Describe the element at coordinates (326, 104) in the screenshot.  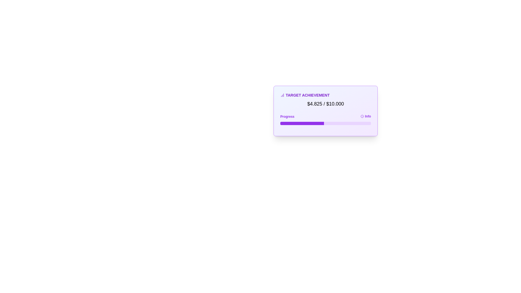
I see `the Text label that displays the current progress against the target value, formatted as "$4.825 / $10.000", which is centrally positioned below the 'Target Achievement' title and above the 'Progress Info' progress bar` at that location.